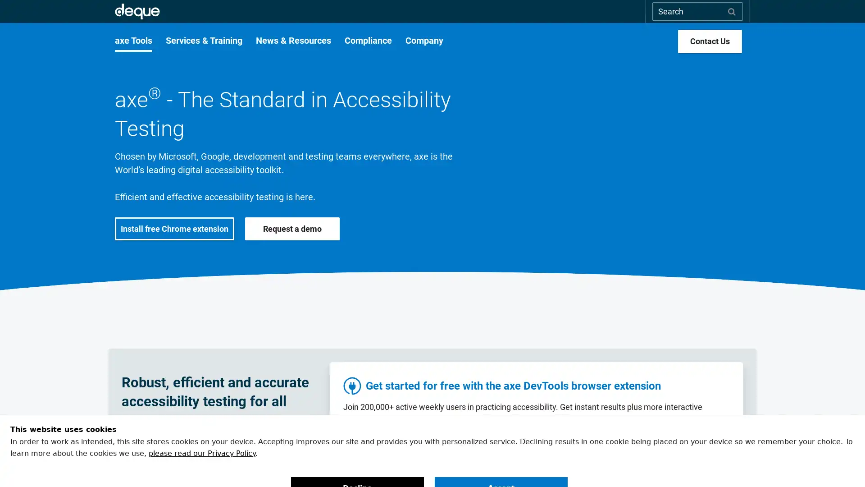 The width and height of the screenshot is (865, 487). What do you see at coordinates (732, 11) in the screenshot?
I see `Submit` at bounding box center [732, 11].